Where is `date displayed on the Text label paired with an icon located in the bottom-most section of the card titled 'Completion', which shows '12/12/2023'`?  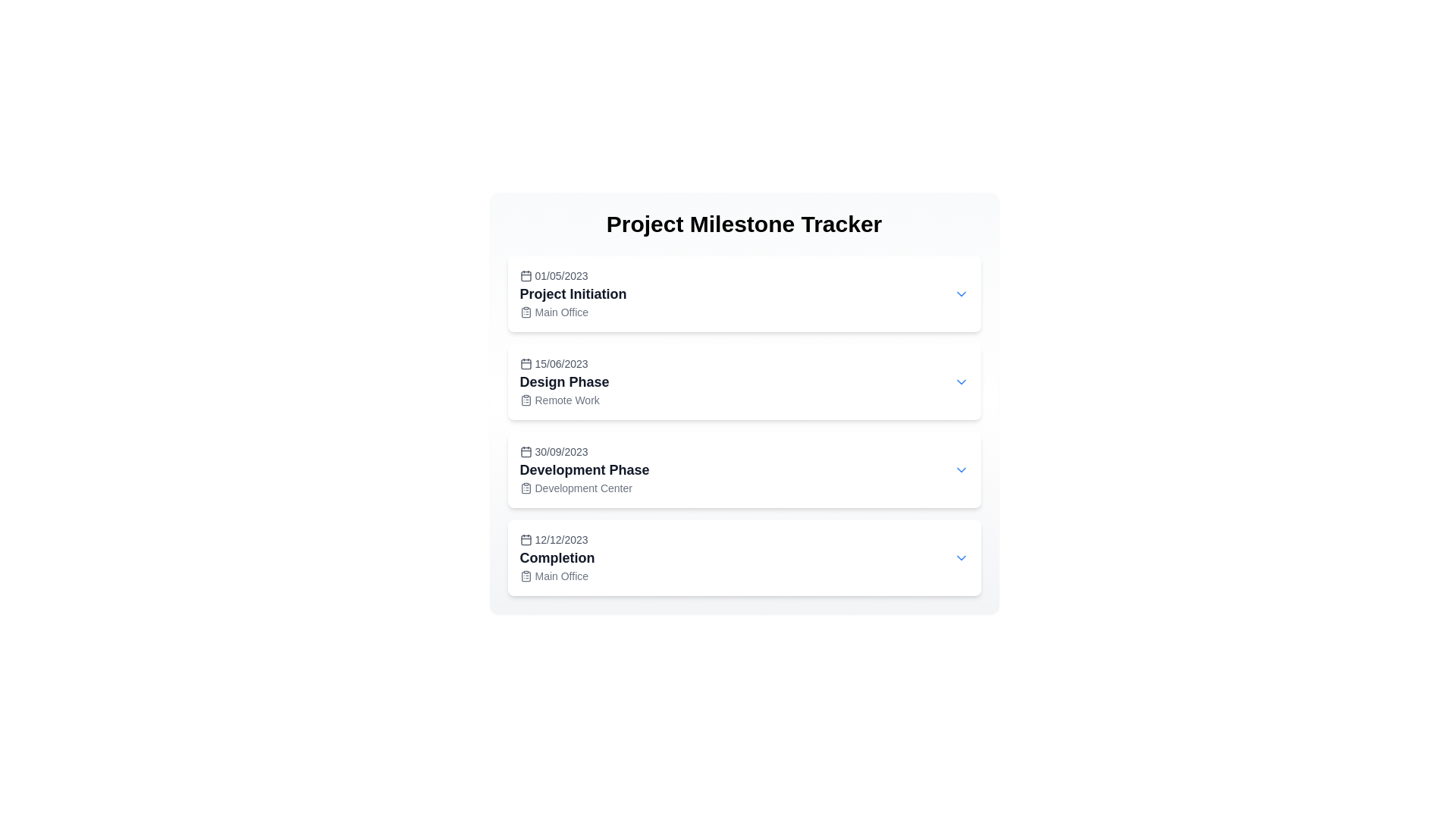
date displayed on the Text label paired with an icon located in the bottom-most section of the card titled 'Completion', which shows '12/12/2023' is located at coordinates (556, 539).